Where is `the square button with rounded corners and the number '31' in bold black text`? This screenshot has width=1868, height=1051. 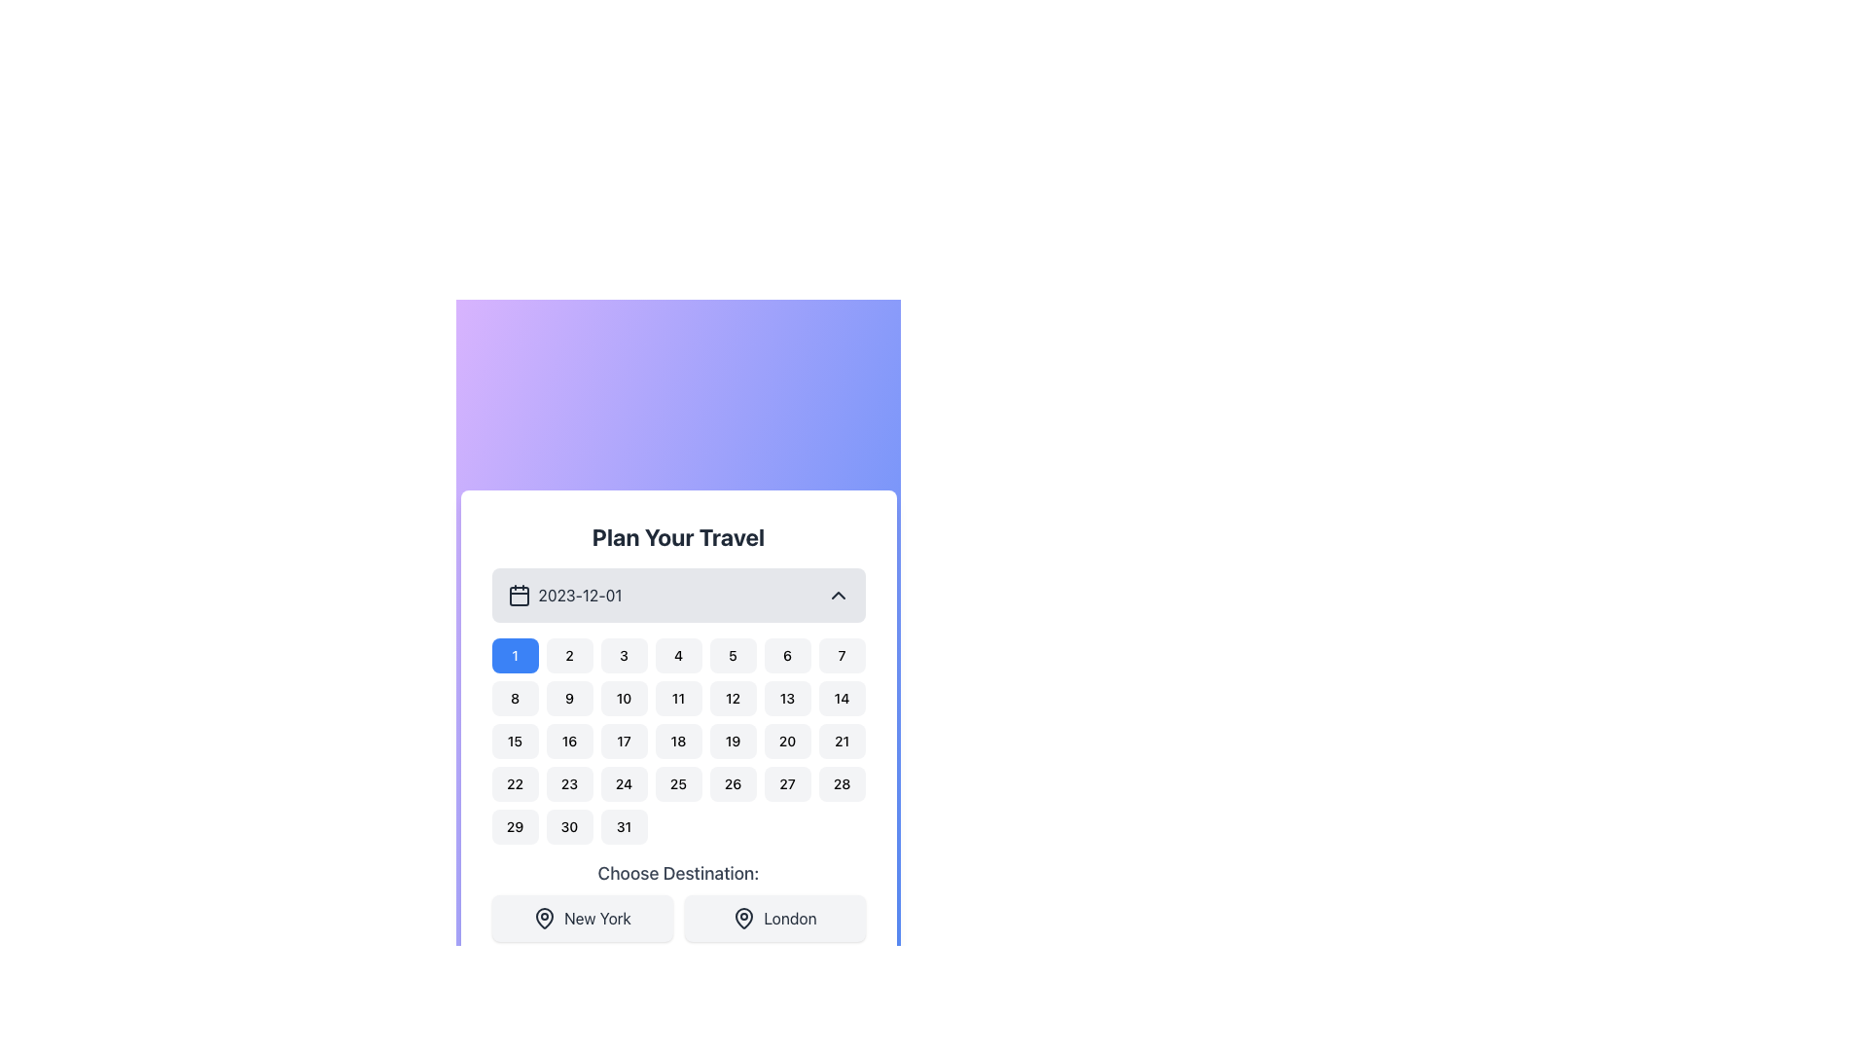
the square button with rounded corners and the number '31' in bold black text is located at coordinates (624, 826).